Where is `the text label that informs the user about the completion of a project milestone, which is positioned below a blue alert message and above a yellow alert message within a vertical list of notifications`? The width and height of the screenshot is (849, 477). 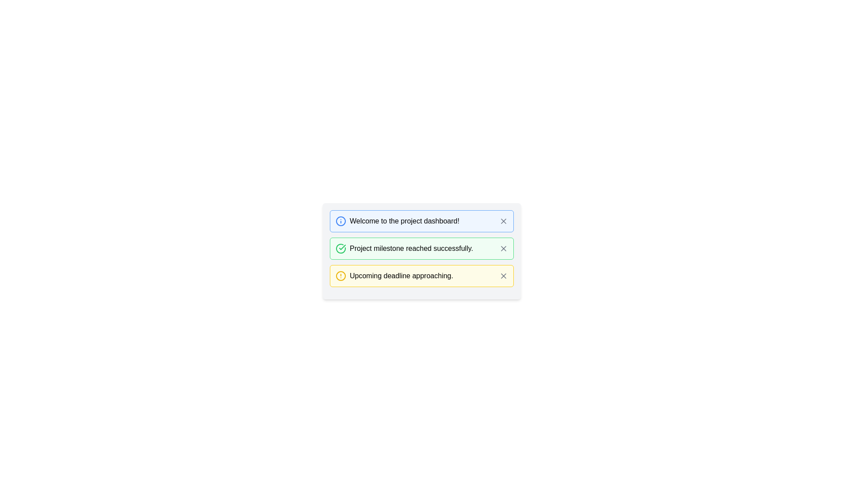 the text label that informs the user about the completion of a project milestone, which is positioned below a blue alert message and above a yellow alert message within a vertical list of notifications is located at coordinates (404, 249).